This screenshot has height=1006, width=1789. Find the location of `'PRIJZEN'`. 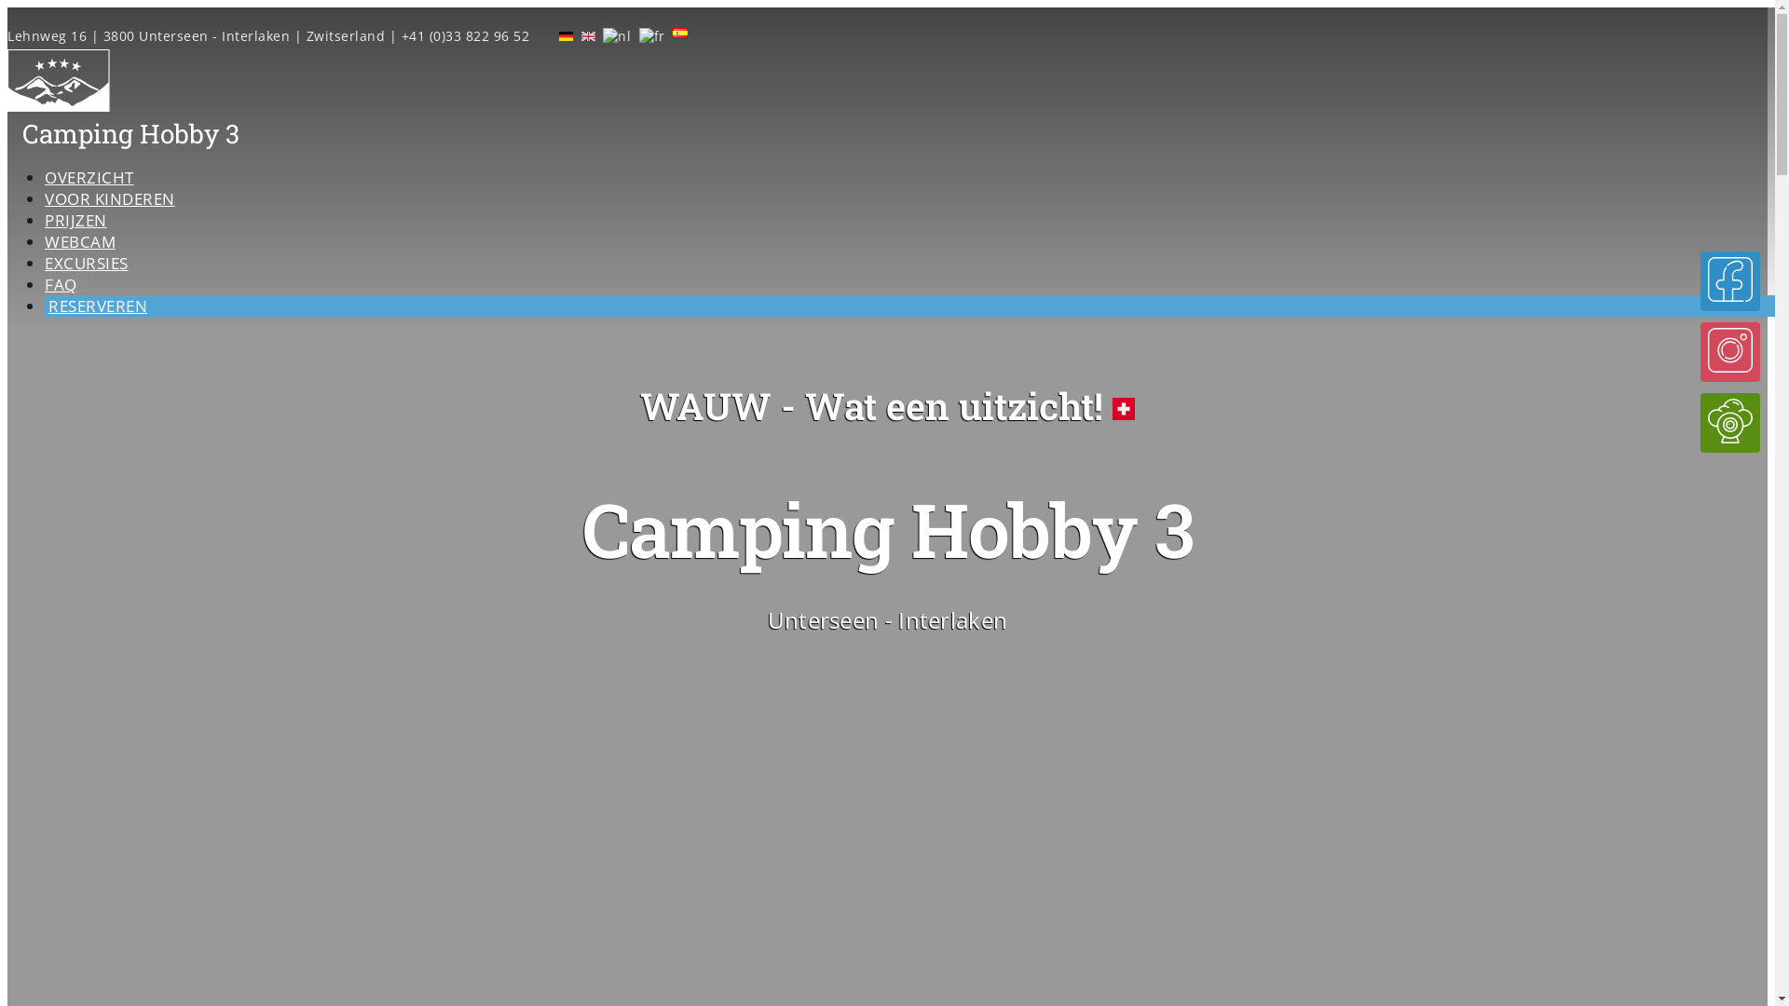

'PRIJZEN' is located at coordinates (75, 219).